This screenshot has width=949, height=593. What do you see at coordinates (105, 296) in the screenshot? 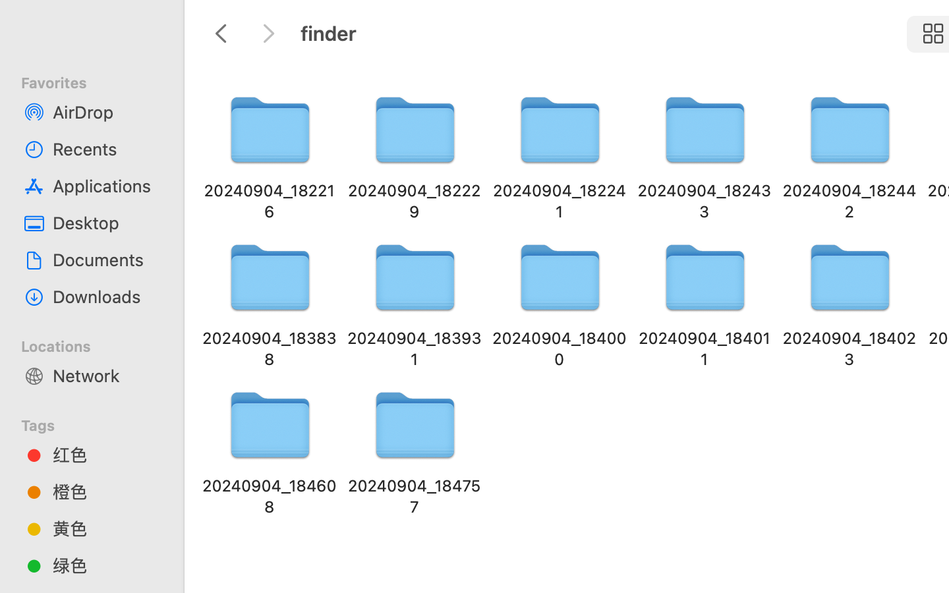
I see `'Downloads'` at bounding box center [105, 296].